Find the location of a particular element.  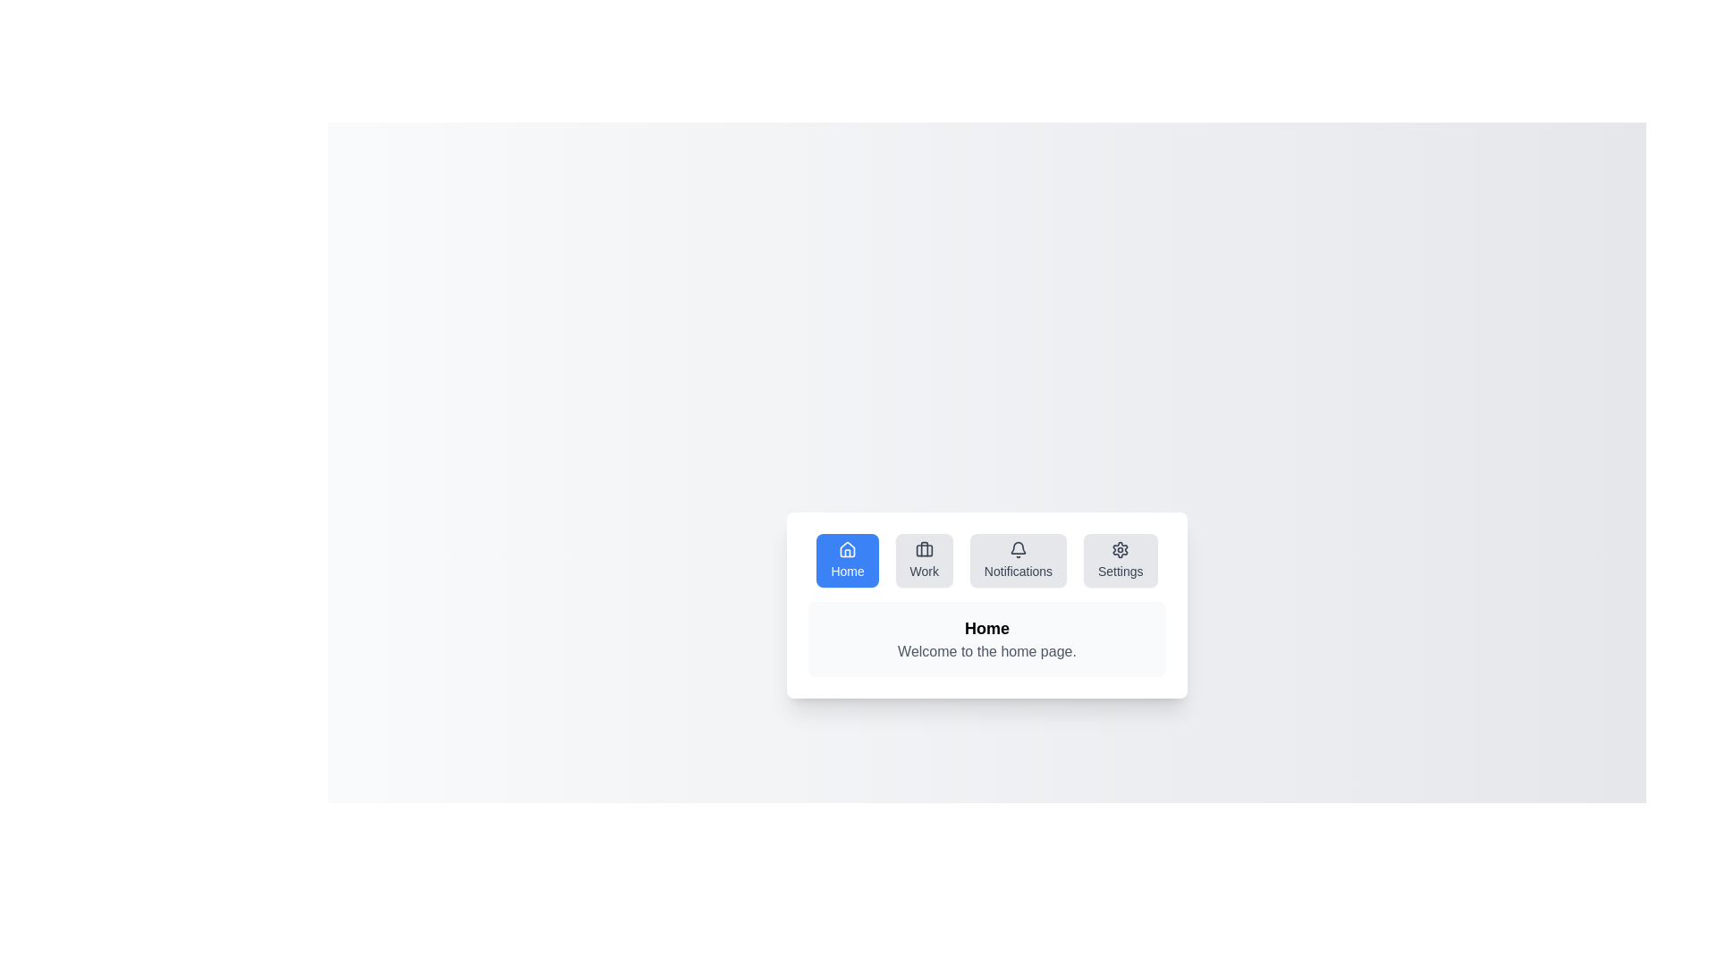

'Notifications' text label that is centrally positioned beneath the bell icon in the third button of the tabbed navigation bar to understand the button's purpose is located at coordinates (1018, 572).